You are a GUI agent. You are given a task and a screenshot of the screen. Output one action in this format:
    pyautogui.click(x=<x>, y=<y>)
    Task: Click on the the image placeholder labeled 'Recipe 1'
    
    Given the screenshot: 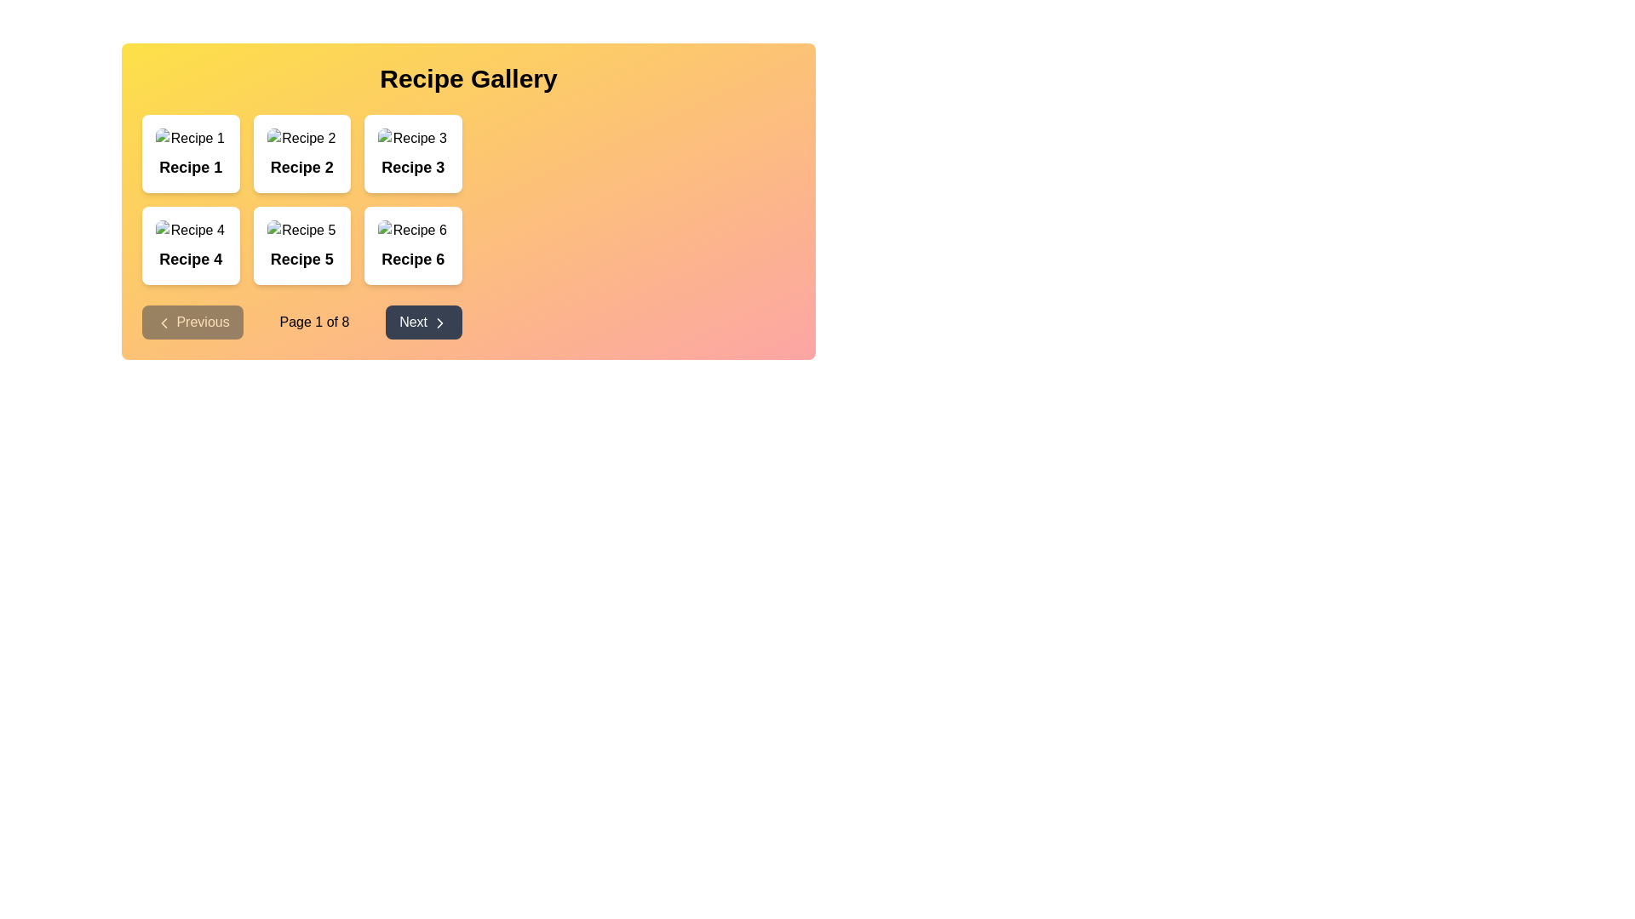 What is the action you would take?
    pyautogui.click(x=191, y=137)
    